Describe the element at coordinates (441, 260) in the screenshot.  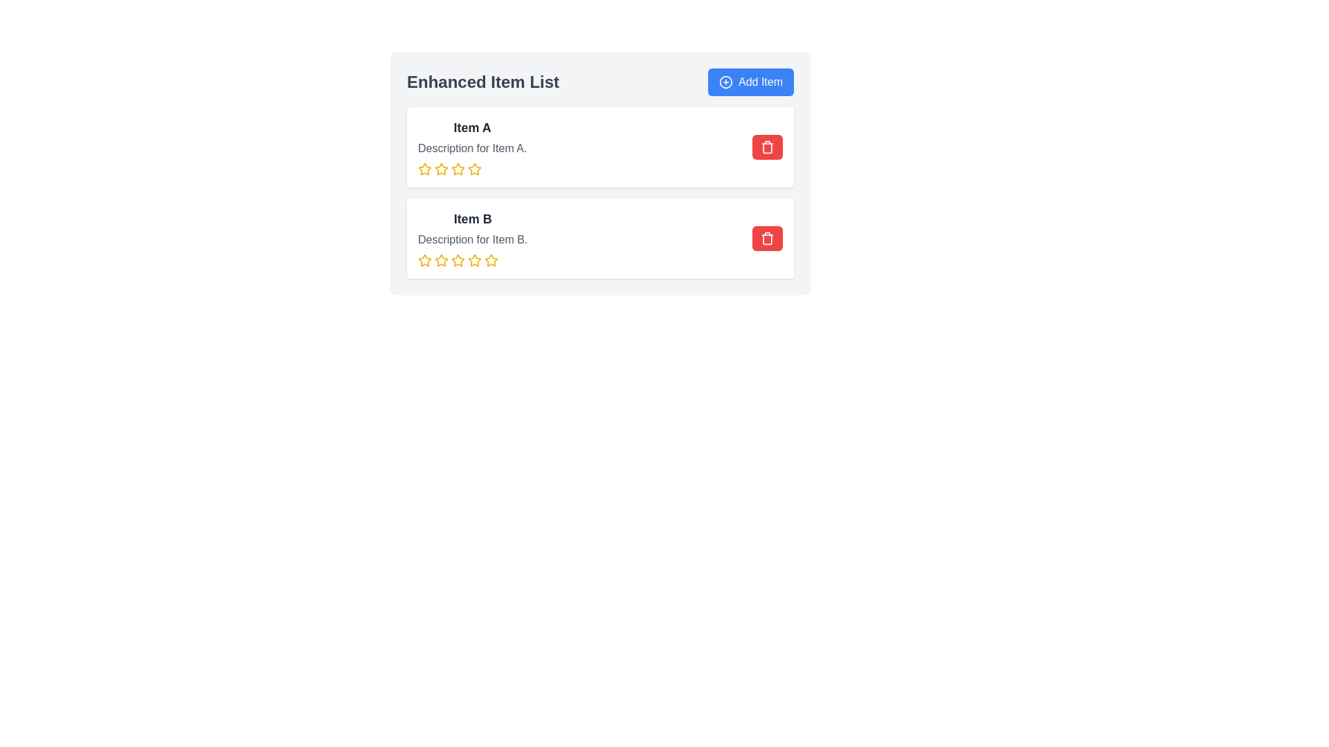
I see `the first golden star-shaped icon in the rating section of Item B in the 'Enhanced Item List' to rate it` at that location.